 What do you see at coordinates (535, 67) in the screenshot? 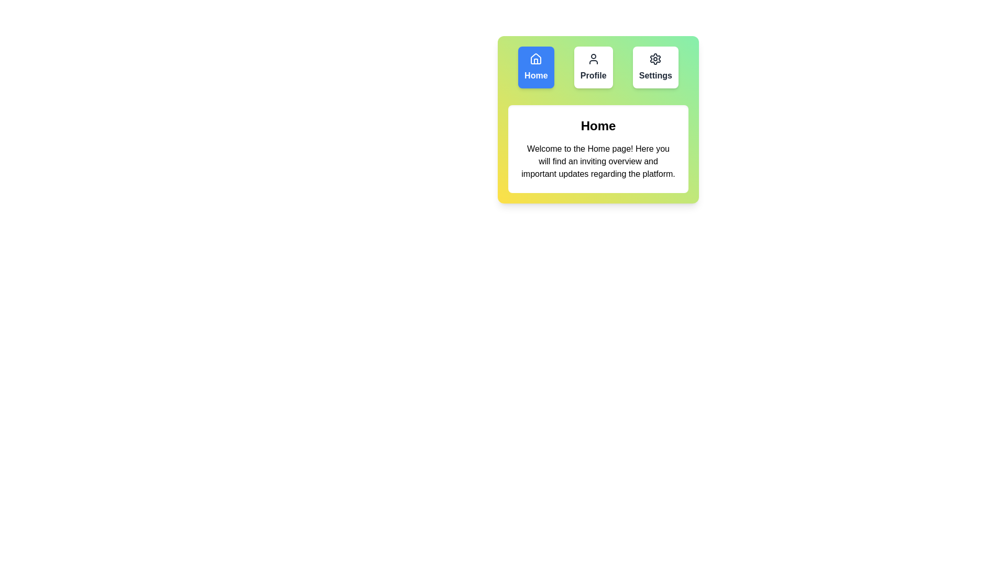
I see `the Home tab by clicking on its button` at bounding box center [535, 67].